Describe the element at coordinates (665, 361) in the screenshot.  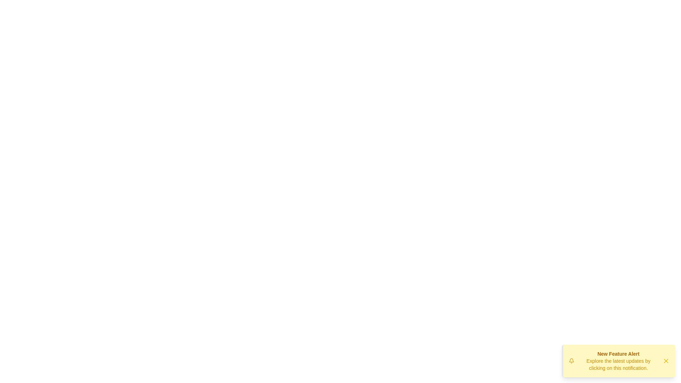
I see `the dismiss button to close the notification` at that location.